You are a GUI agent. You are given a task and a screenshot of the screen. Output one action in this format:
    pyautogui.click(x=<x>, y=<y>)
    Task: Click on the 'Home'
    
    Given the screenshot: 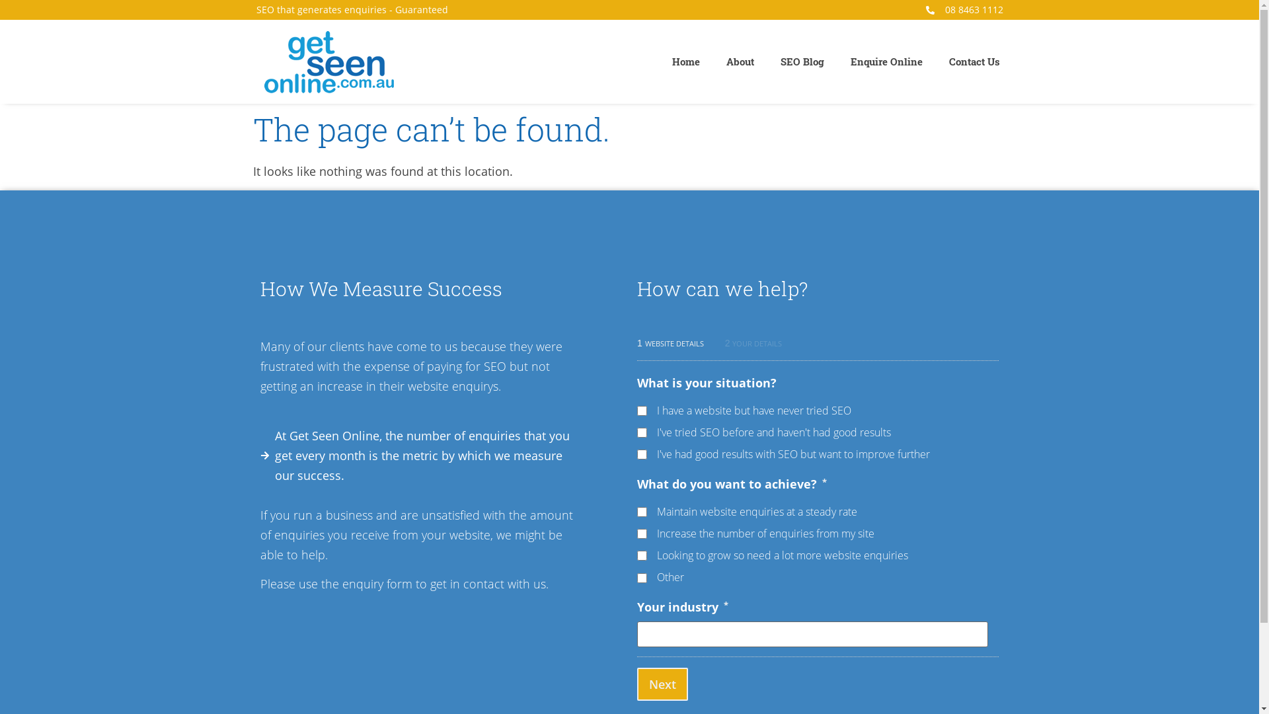 What is the action you would take?
    pyautogui.click(x=685, y=61)
    